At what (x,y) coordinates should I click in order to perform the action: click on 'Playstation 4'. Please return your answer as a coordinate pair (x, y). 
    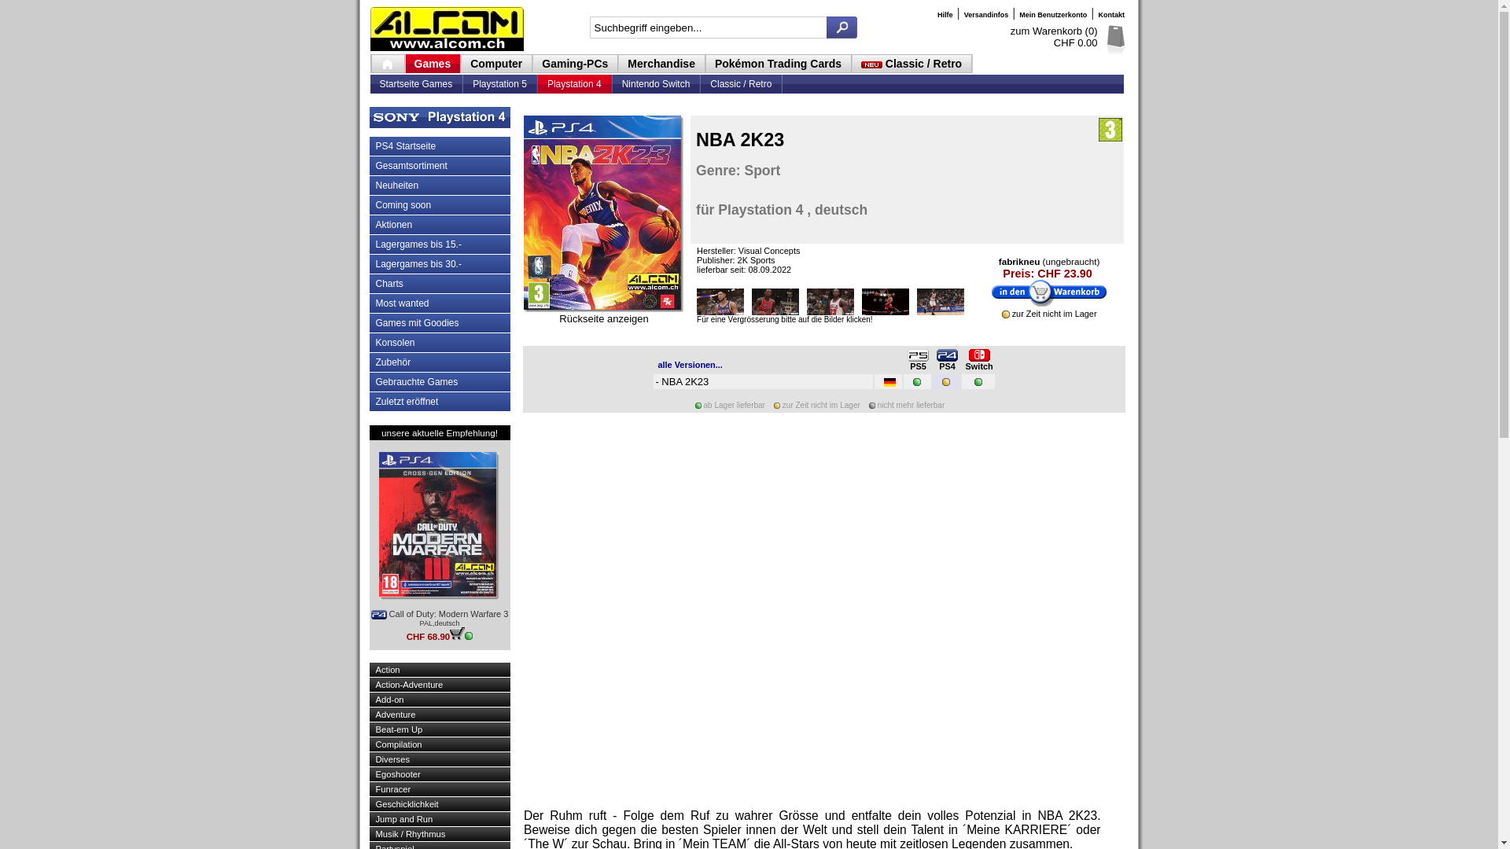
    Looking at the image, I should click on (573, 84).